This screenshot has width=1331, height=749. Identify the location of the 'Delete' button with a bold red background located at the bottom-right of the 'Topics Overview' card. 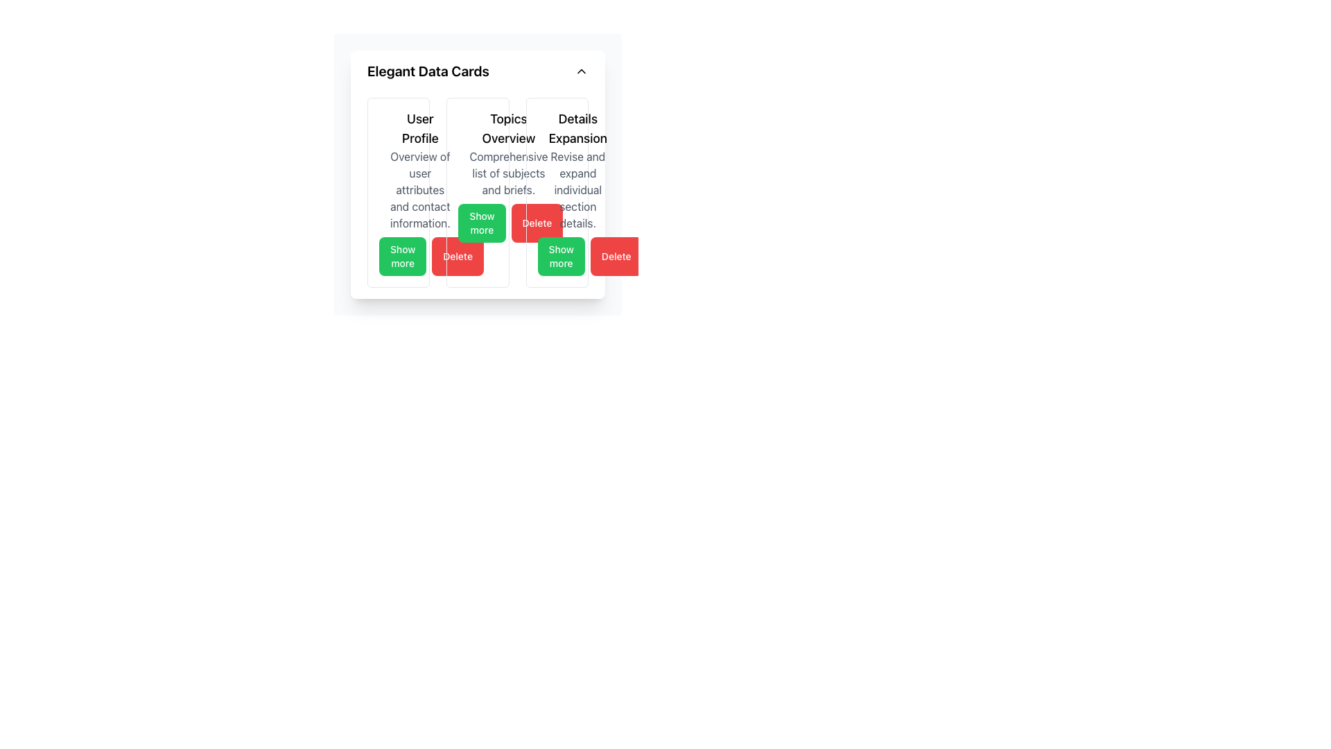
(458, 257).